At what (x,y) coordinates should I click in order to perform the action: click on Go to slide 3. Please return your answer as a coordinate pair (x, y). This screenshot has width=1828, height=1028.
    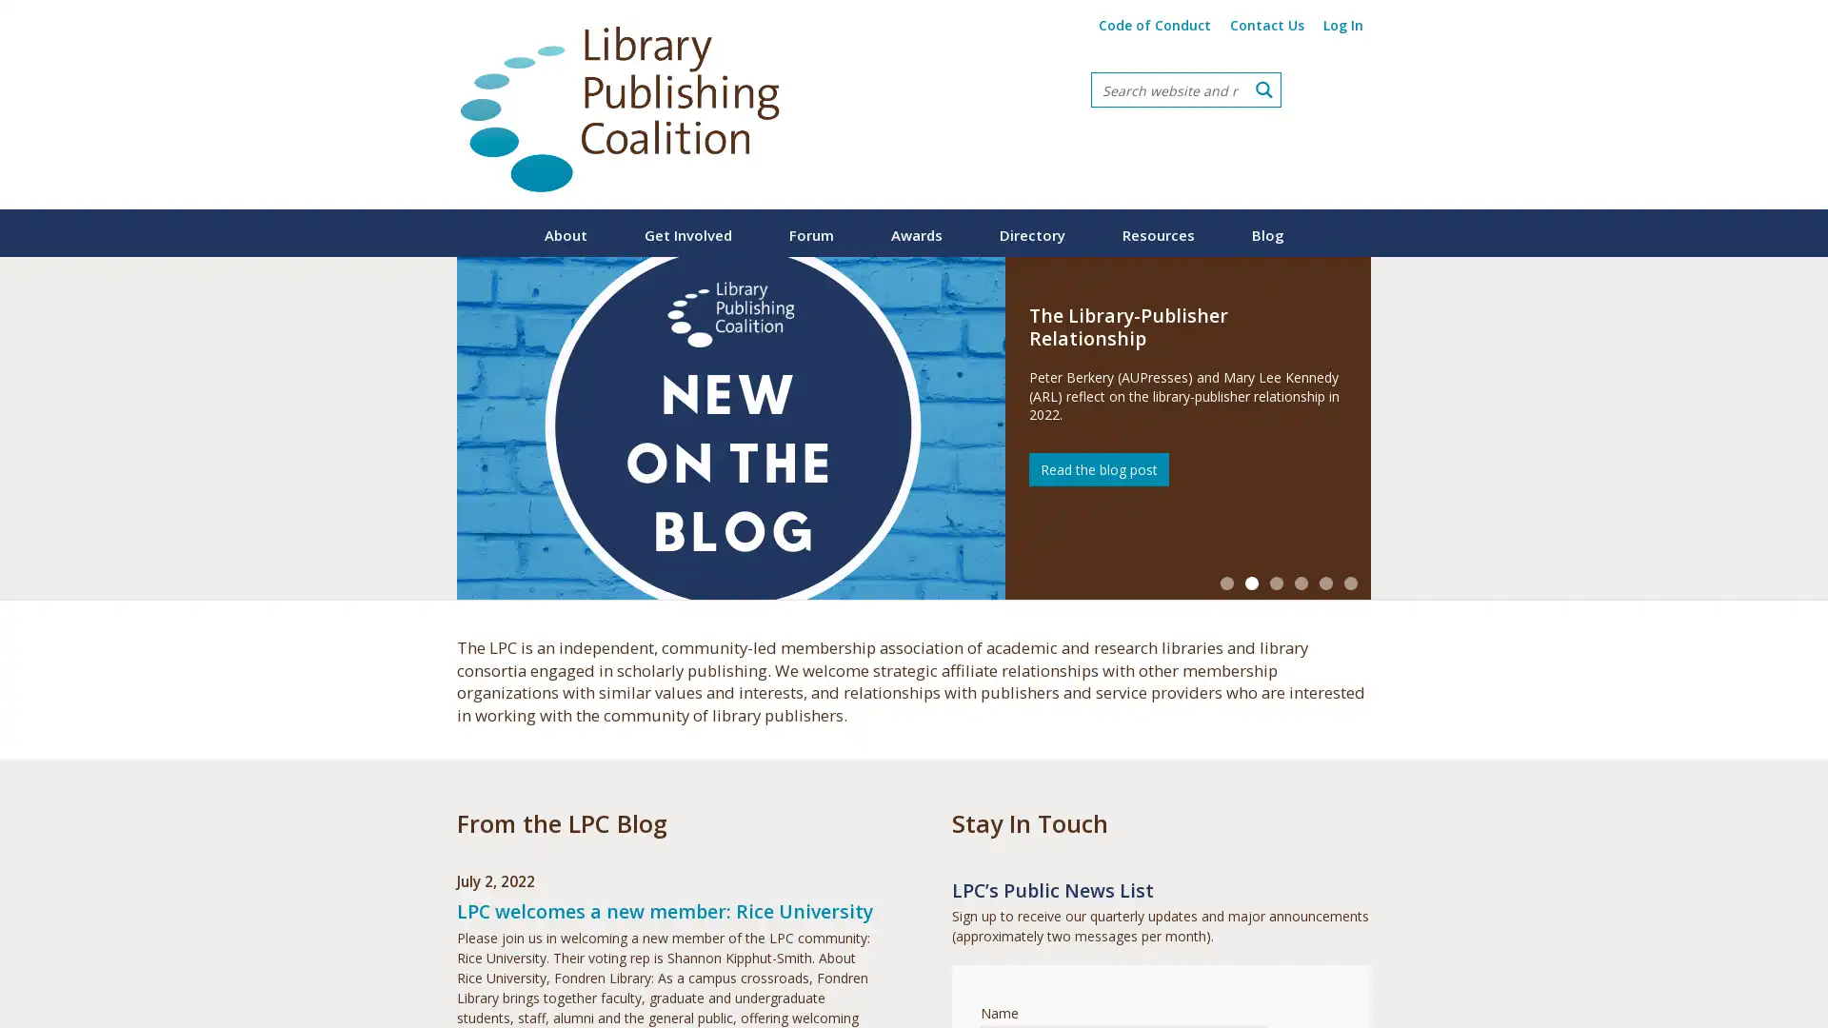
    Looking at the image, I should click on (1276, 583).